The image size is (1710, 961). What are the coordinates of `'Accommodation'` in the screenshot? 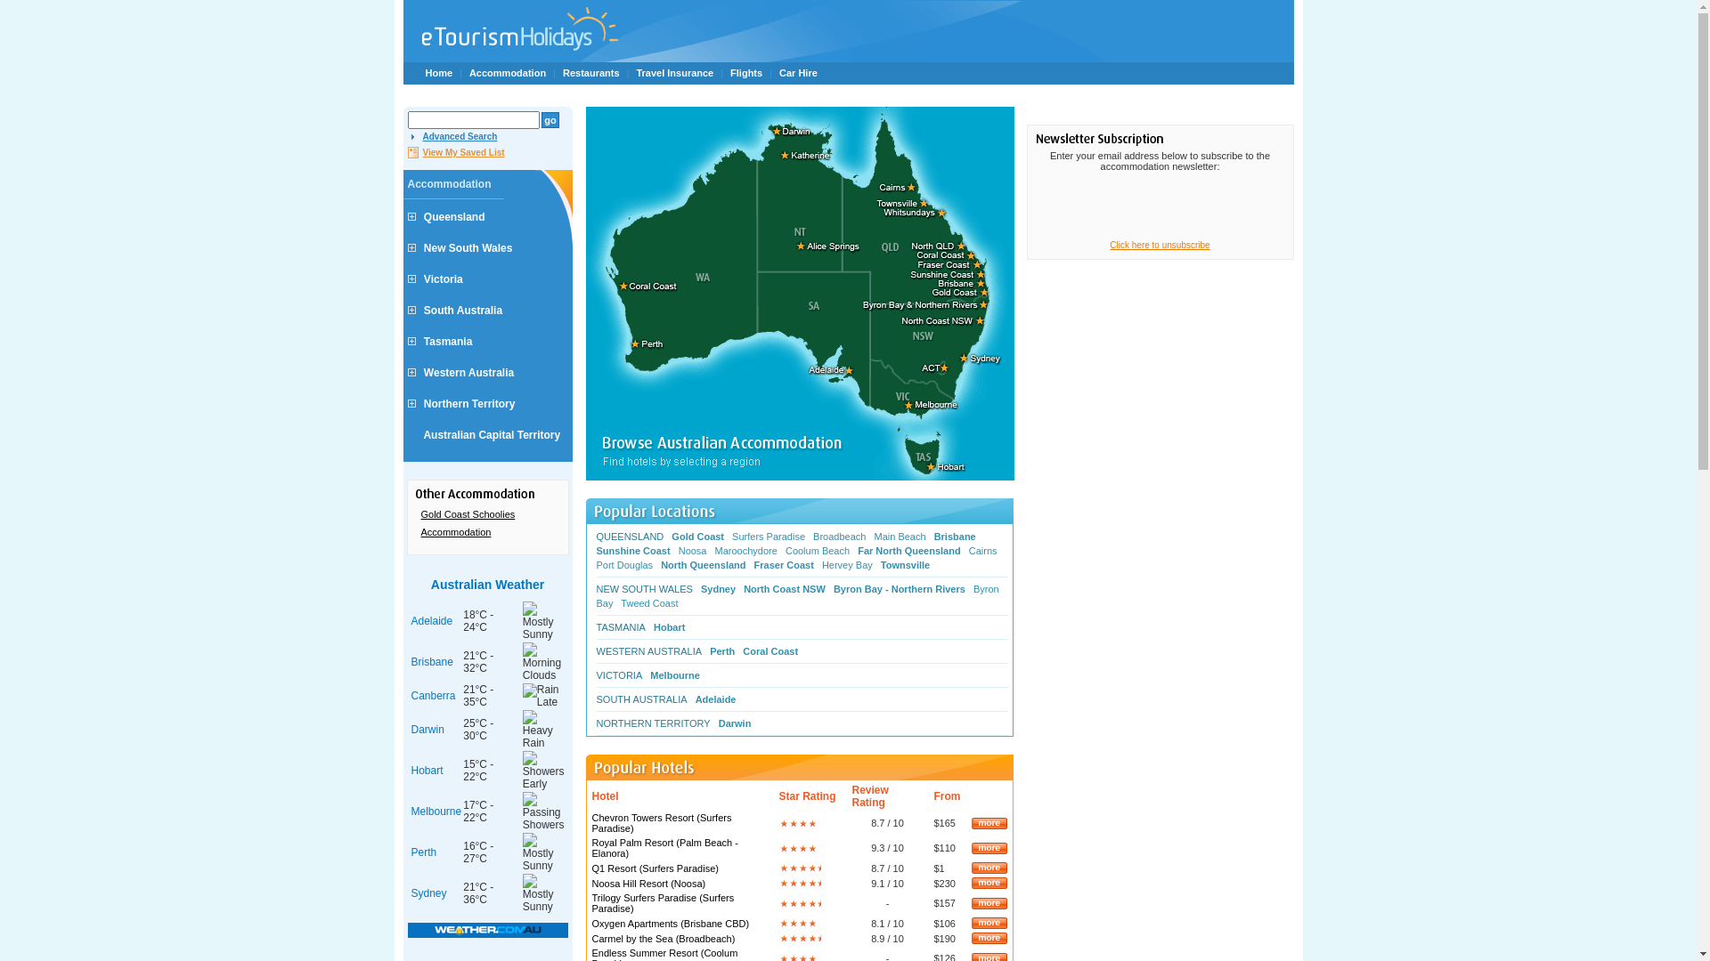 It's located at (507, 72).